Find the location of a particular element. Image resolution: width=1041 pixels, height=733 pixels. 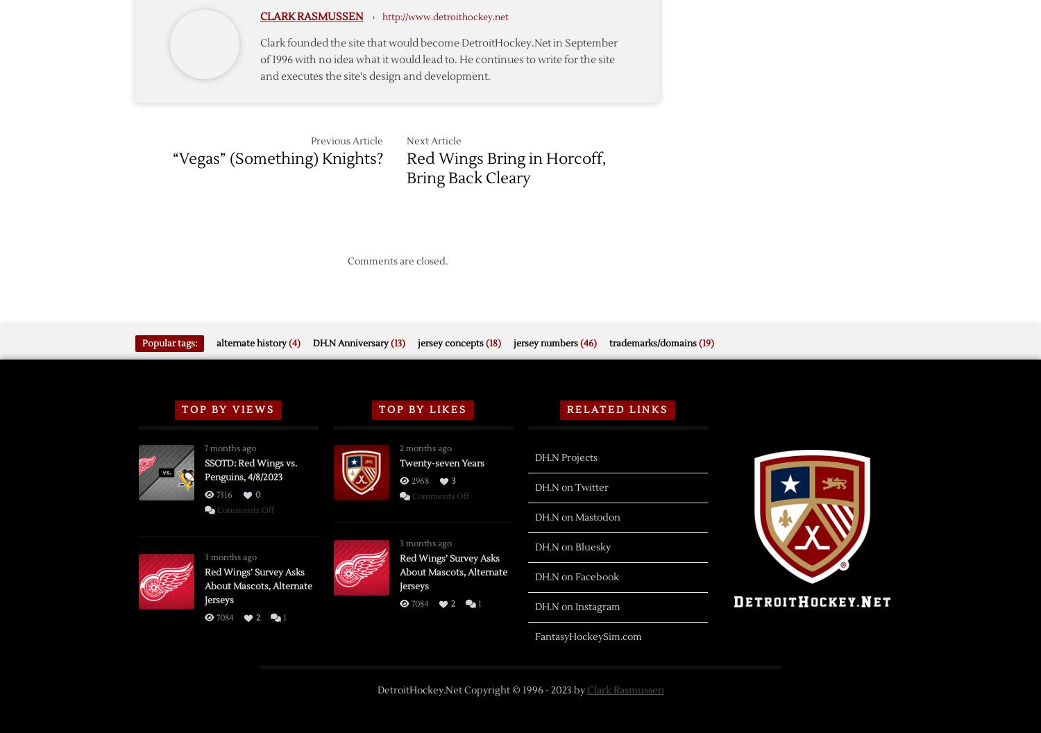

'by' is located at coordinates (578, 689).